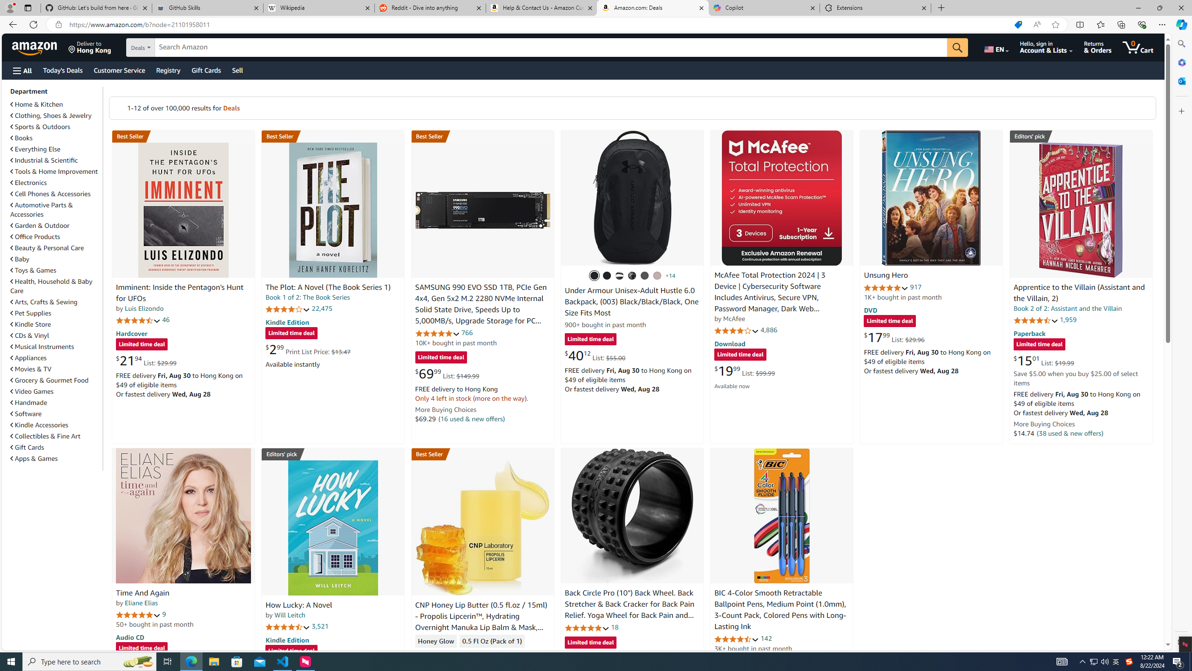 The image size is (1192, 671). I want to click on 'Video Games', so click(32, 391).